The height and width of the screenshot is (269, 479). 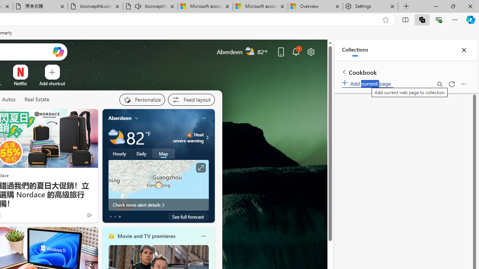 What do you see at coordinates (201, 167) in the screenshot?
I see `'Click to see more information'` at bounding box center [201, 167].